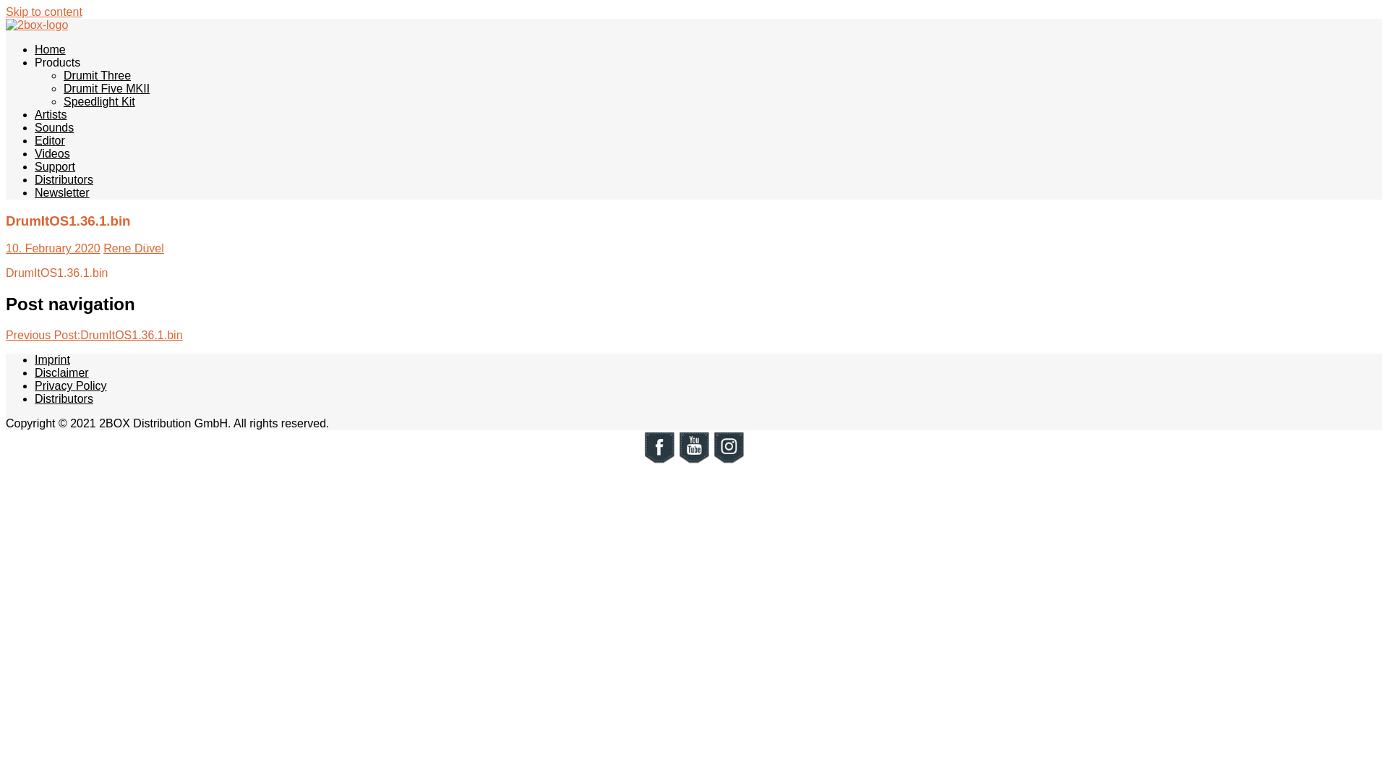 Image resolution: width=1388 pixels, height=781 pixels. I want to click on 'Privacy Policy', so click(35, 385).